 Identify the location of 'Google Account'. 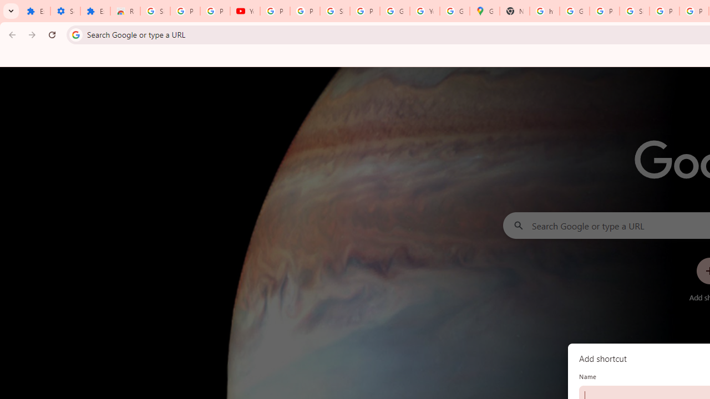
(394, 11).